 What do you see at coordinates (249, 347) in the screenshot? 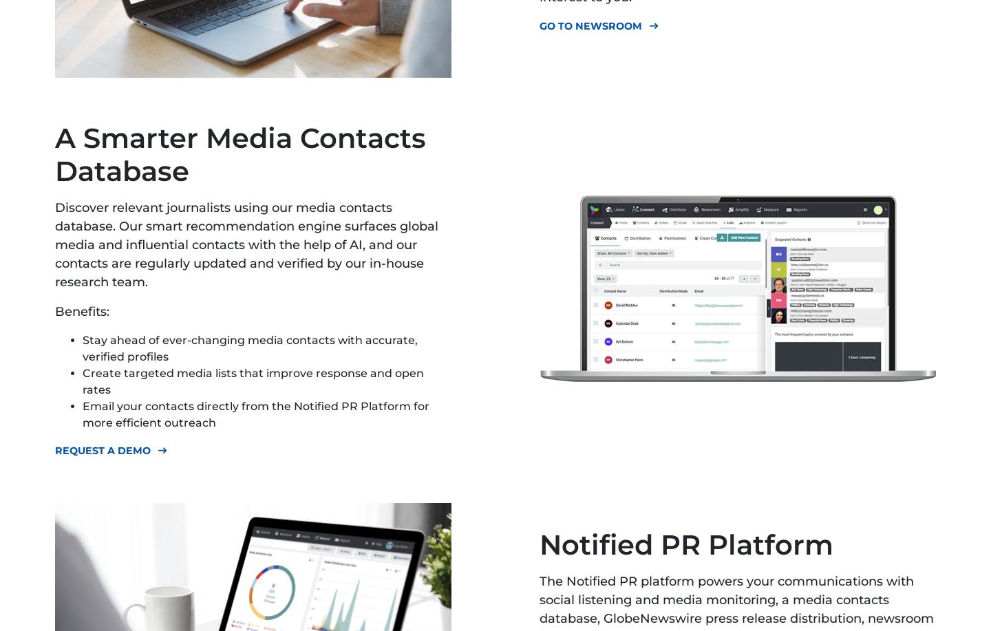
I see `'Stay ahead of ever-changing media contacts with accurate, verified profiles'` at bounding box center [249, 347].